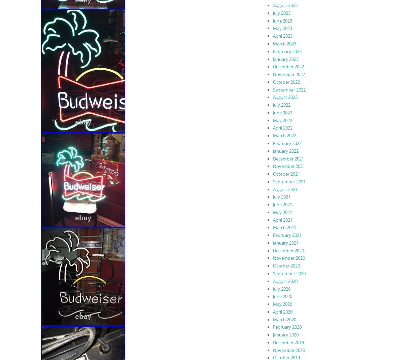  What do you see at coordinates (287, 326) in the screenshot?
I see `'February 2020'` at bounding box center [287, 326].